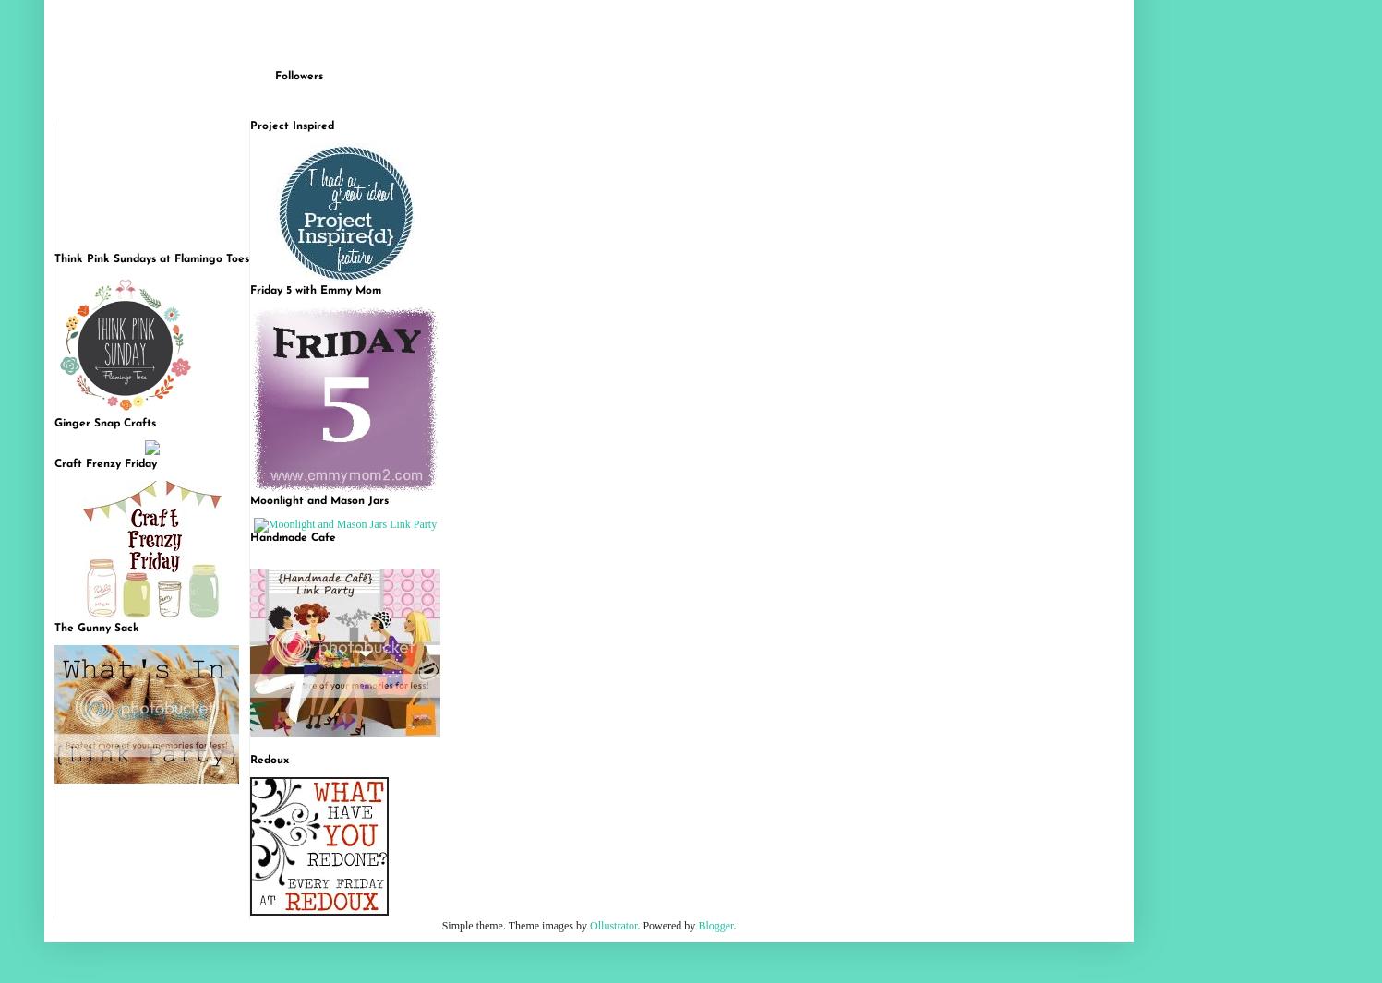 The width and height of the screenshot is (1382, 983). What do you see at coordinates (636, 926) in the screenshot?
I see `'. Powered by'` at bounding box center [636, 926].